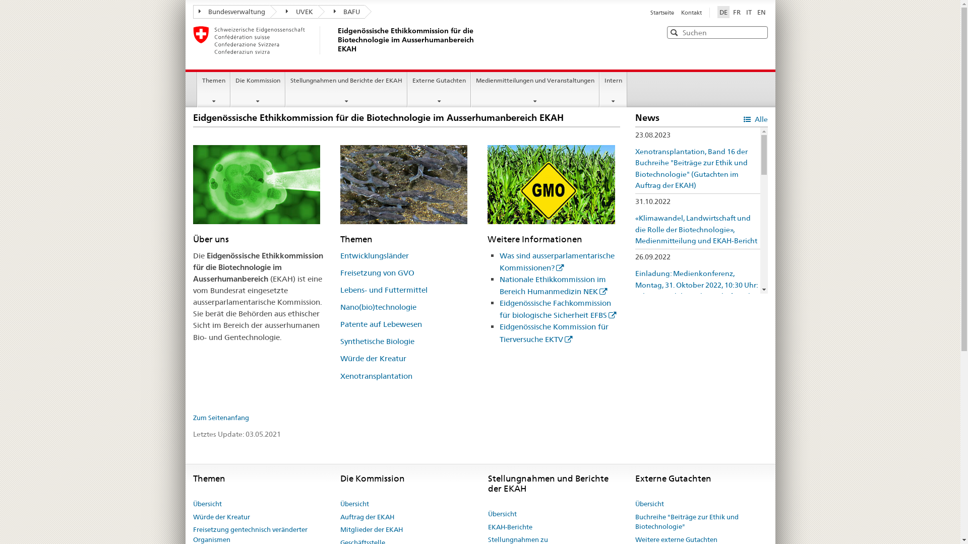 The width and height of the screenshot is (968, 544). What do you see at coordinates (378, 306) in the screenshot?
I see `'Nano(bio)technologie'` at bounding box center [378, 306].